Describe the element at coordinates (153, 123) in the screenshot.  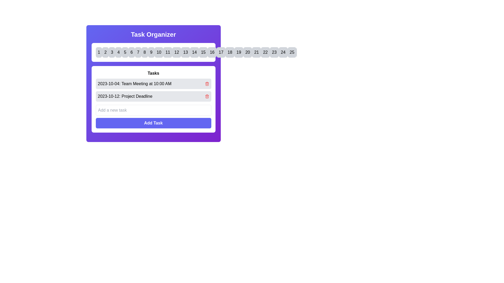
I see `the 'Add Task' button located at the bottom of the task organizer interface to observe the hover effect` at that location.